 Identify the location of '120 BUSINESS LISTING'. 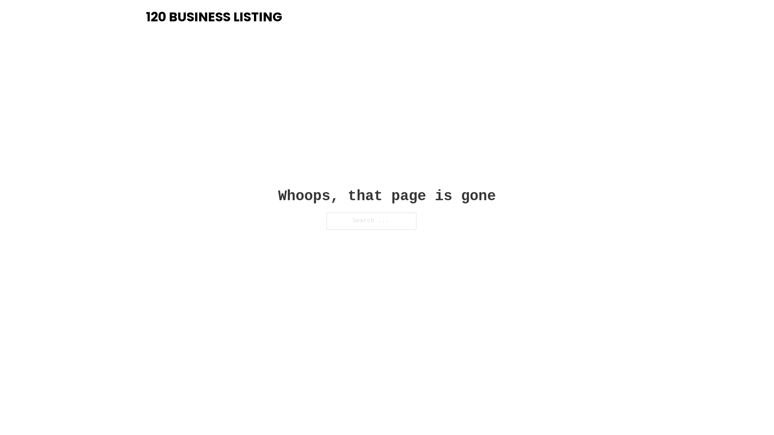
(214, 17).